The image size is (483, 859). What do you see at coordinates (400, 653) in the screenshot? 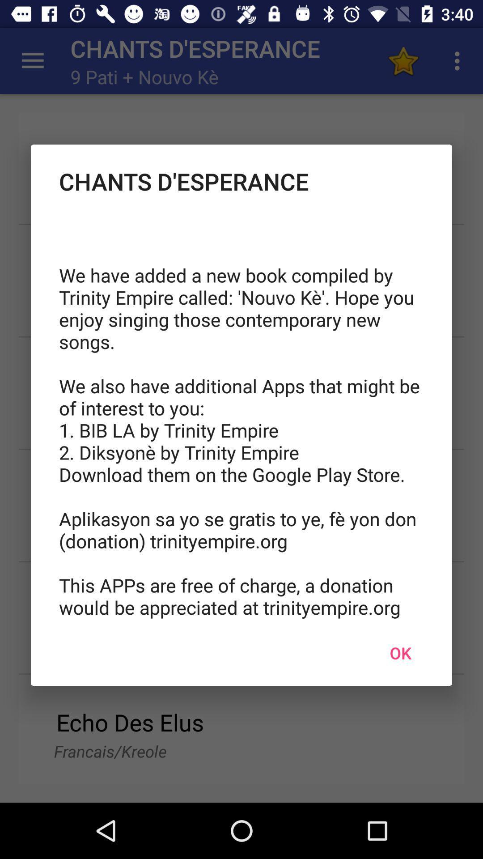
I see `the ok icon` at bounding box center [400, 653].